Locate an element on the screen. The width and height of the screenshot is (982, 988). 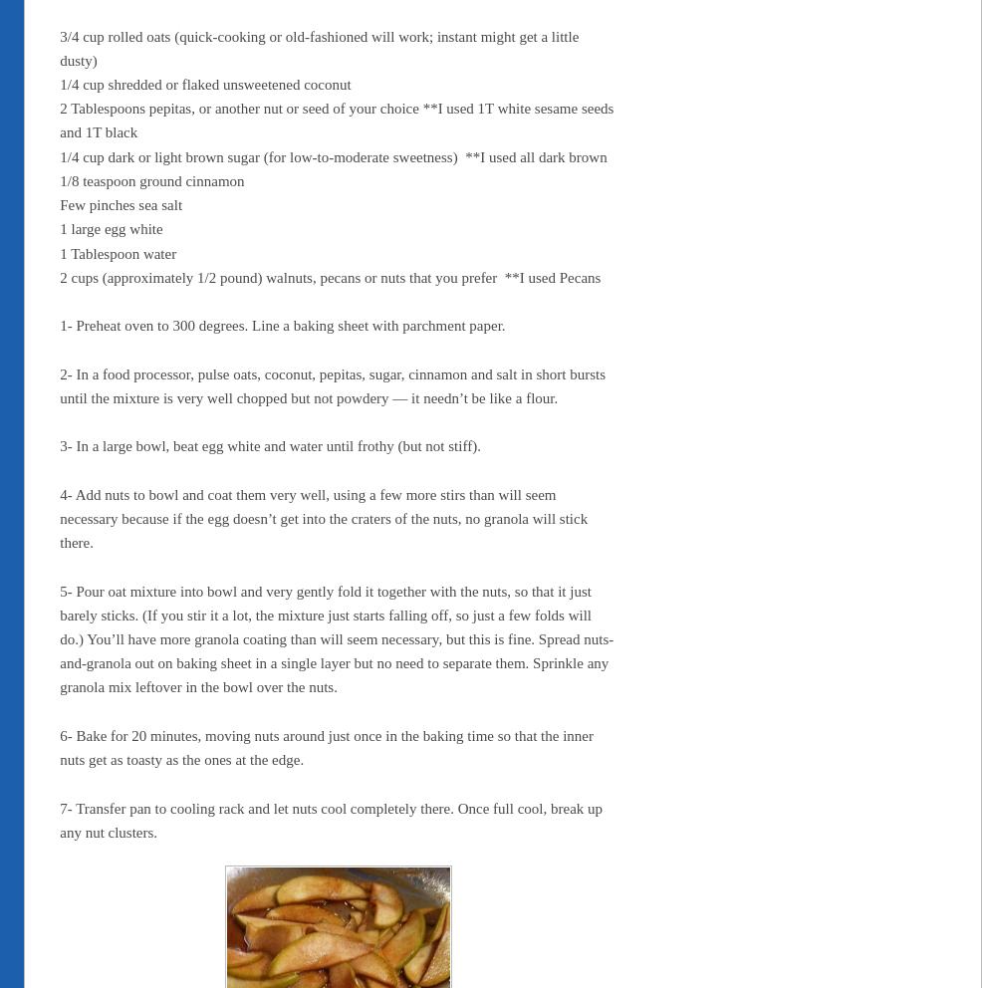
'4- Add nuts to bowl and coat them very well, using a few more stirs than will seem necessary because if the egg doesn’t get into the craters of the nuts, no granola will stick there.' is located at coordinates (323, 517).